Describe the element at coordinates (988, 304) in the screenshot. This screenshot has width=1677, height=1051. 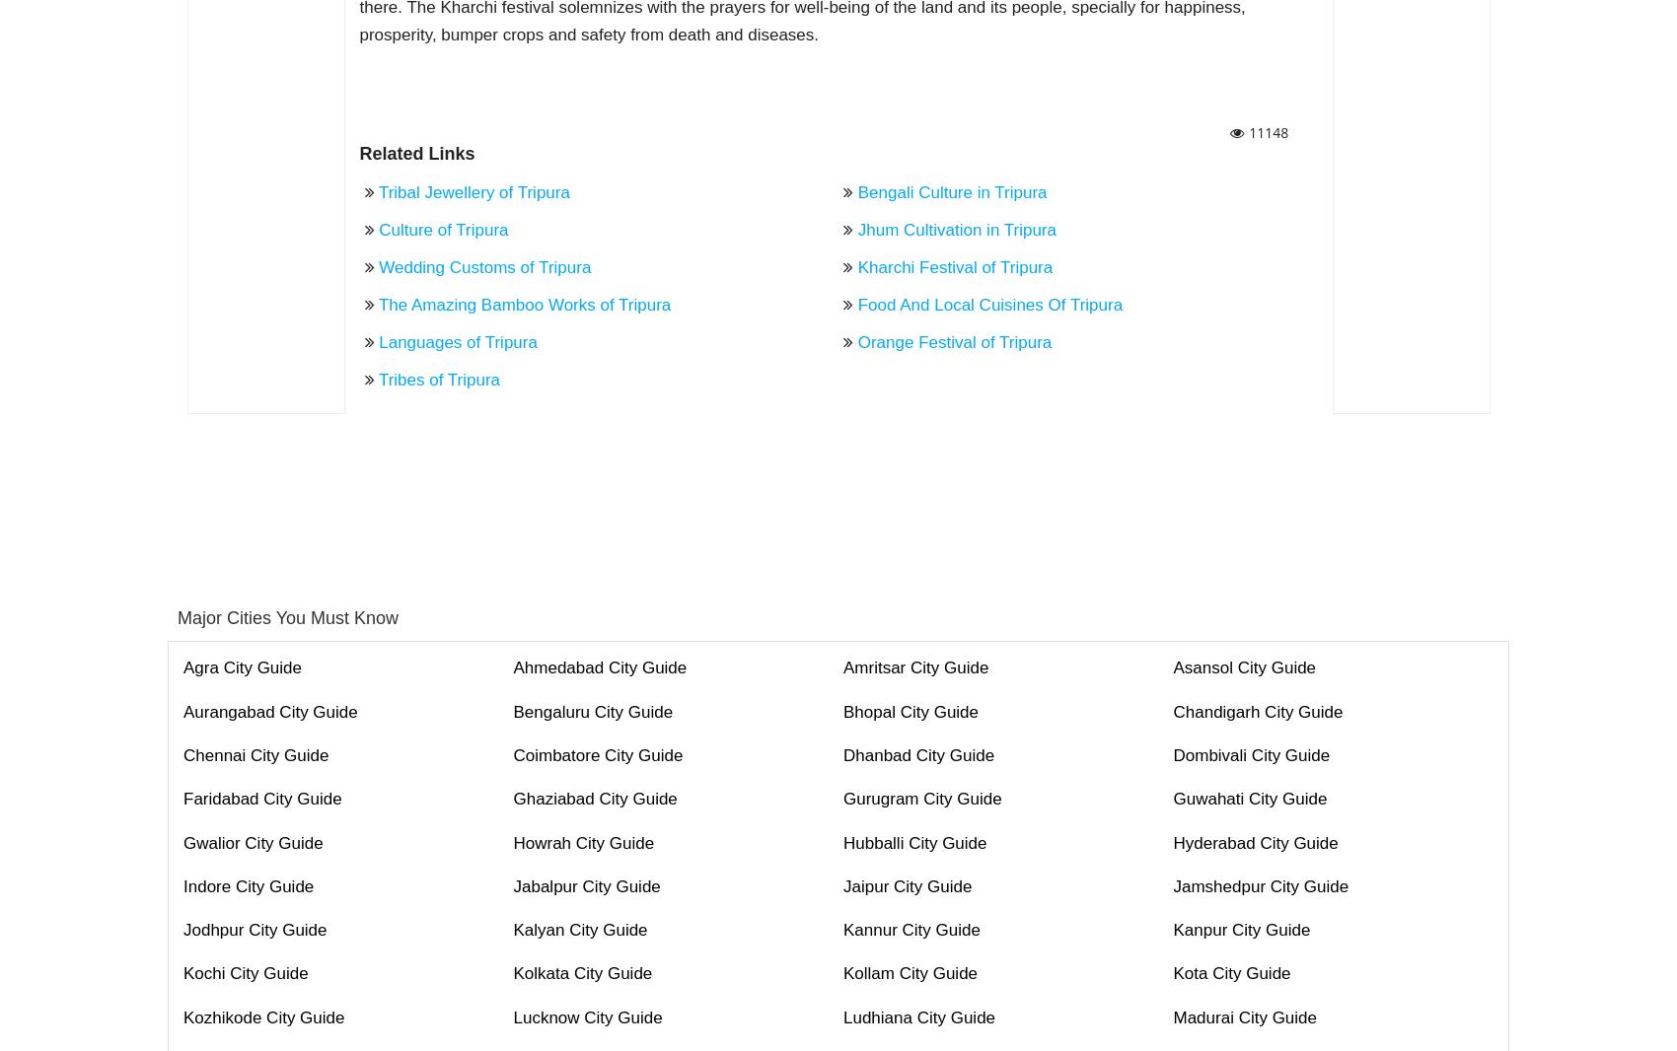
I see `'Food And Local Cuisines Of Tripura'` at that location.